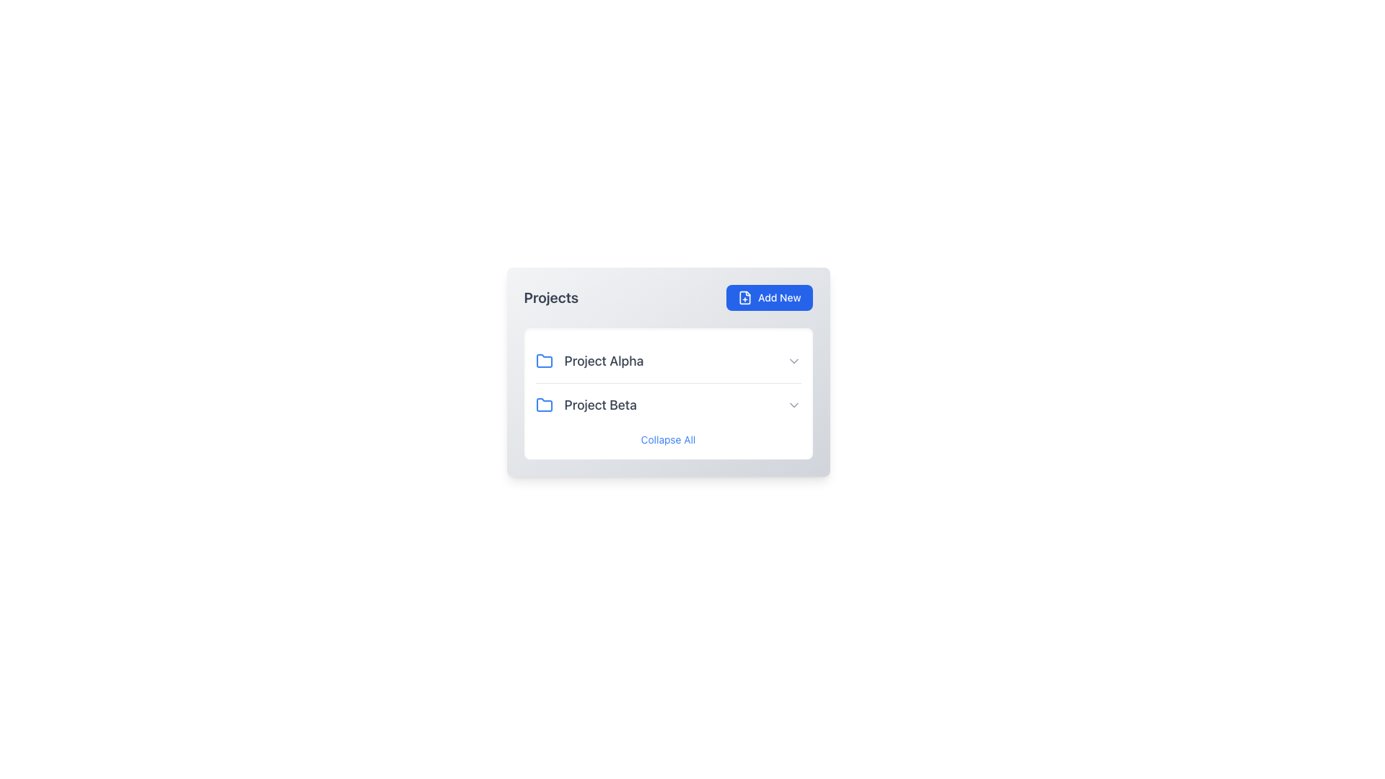  What do you see at coordinates (768, 296) in the screenshot?
I see `the 'Add New' button with a blue background and white text located at the top-right corner of the 'Projects' section` at bounding box center [768, 296].